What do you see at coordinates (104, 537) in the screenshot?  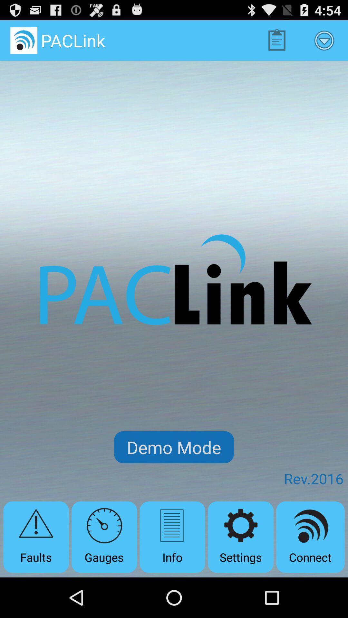 I see `icon below demo mode` at bounding box center [104, 537].